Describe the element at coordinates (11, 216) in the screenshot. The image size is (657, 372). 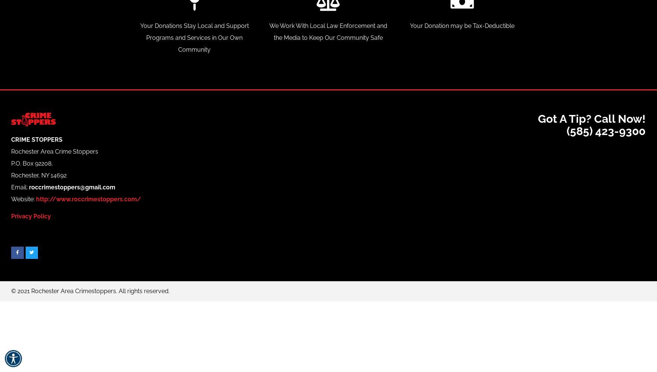
I see `'Privacy Policy'` at that location.